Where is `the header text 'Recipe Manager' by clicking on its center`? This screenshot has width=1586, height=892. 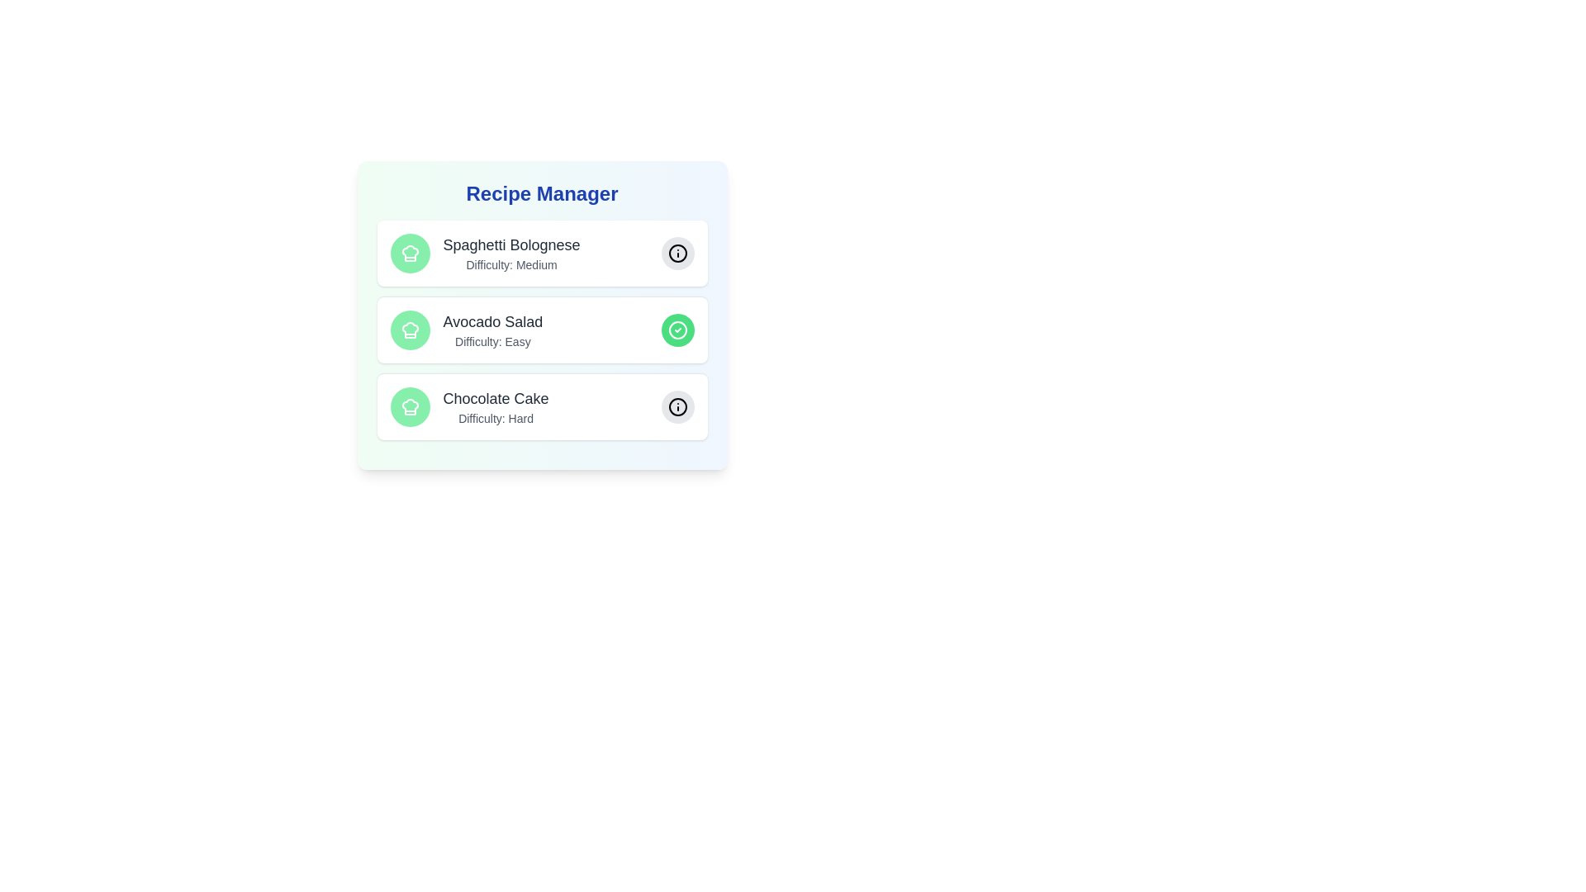
the header text 'Recipe Manager' by clicking on its center is located at coordinates (542, 193).